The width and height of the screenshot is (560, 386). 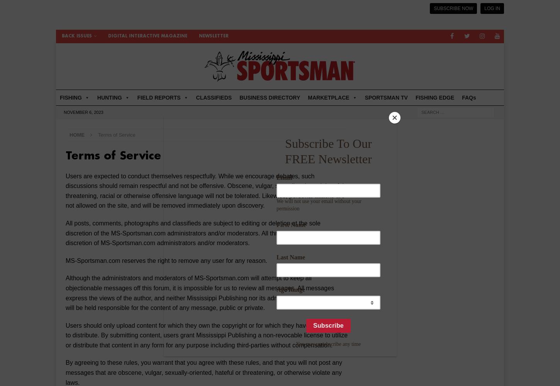 What do you see at coordinates (59, 98) in the screenshot?
I see `'FISHING'` at bounding box center [59, 98].